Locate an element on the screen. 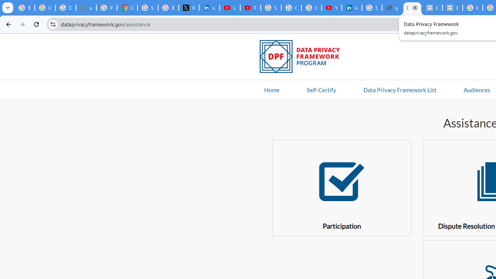 The width and height of the screenshot is (496, 279). 'Data Privacy Framework List' is located at coordinates (400, 89).